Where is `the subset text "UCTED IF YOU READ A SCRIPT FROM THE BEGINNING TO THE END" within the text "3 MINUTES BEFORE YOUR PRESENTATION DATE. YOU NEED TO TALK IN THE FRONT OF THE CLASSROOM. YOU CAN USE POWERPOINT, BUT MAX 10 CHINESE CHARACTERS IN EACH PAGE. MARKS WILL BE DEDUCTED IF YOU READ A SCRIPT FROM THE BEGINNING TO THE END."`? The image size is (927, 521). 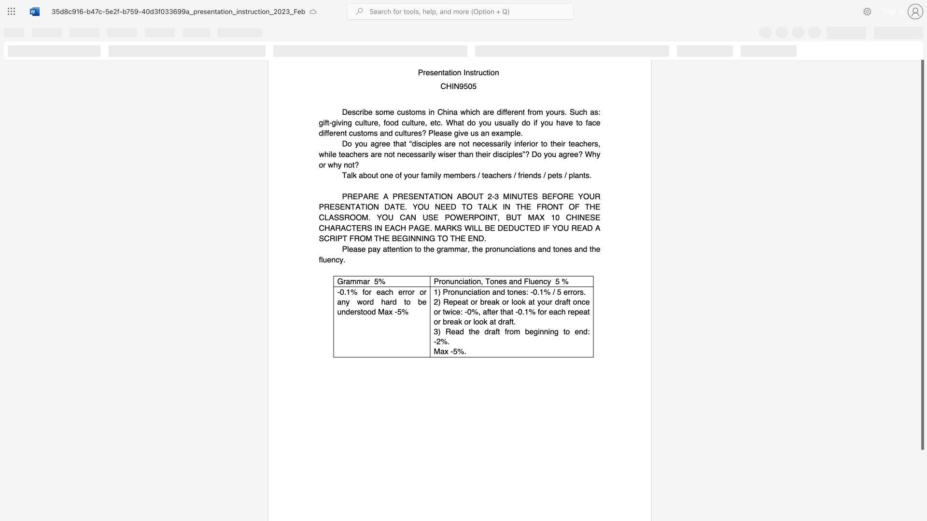 the subset text "UCTED IF YOU READ A SCRIPT FROM THE BEGINNING TO THE END" within the text "3 MINUTES BEFORE YOUR PRESENTATION DATE. YOU NEED TO TALK IN THE FRONT OF THE CLASSROOM. YOU CAN USE POWERPOINT, BUT MAX 10 CHINESE CHARACTERS IN EACH PAGE. MARKS WILL BE DEDUCTED IF YOU READ A SCRIPT FROM THE BEGINNING TO THE END." is located at coordinates (513, 228).